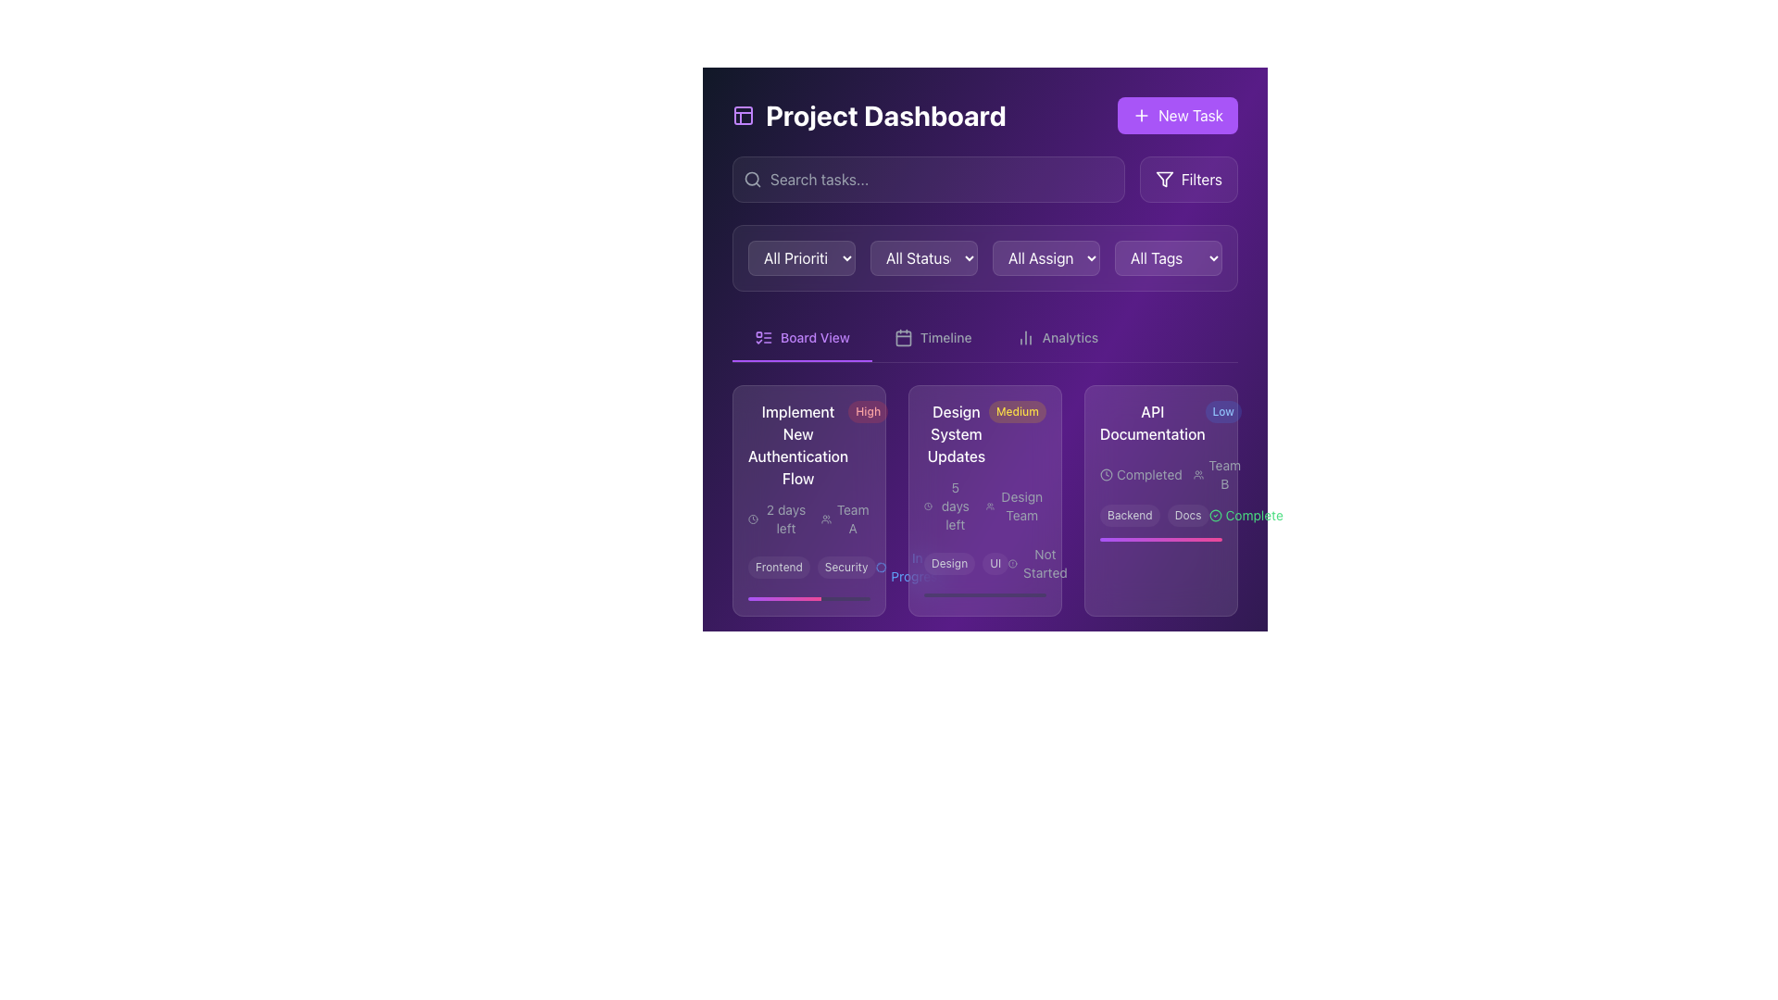 Image resolution: width=1778 pixels, height=1000 pixels. I want to click on the progress bar located in the 'API Documentation' card within the 'Project Dashboard' interface, positioned beneath the tags 'Backend' and 'Docs', so click(1159, 539).